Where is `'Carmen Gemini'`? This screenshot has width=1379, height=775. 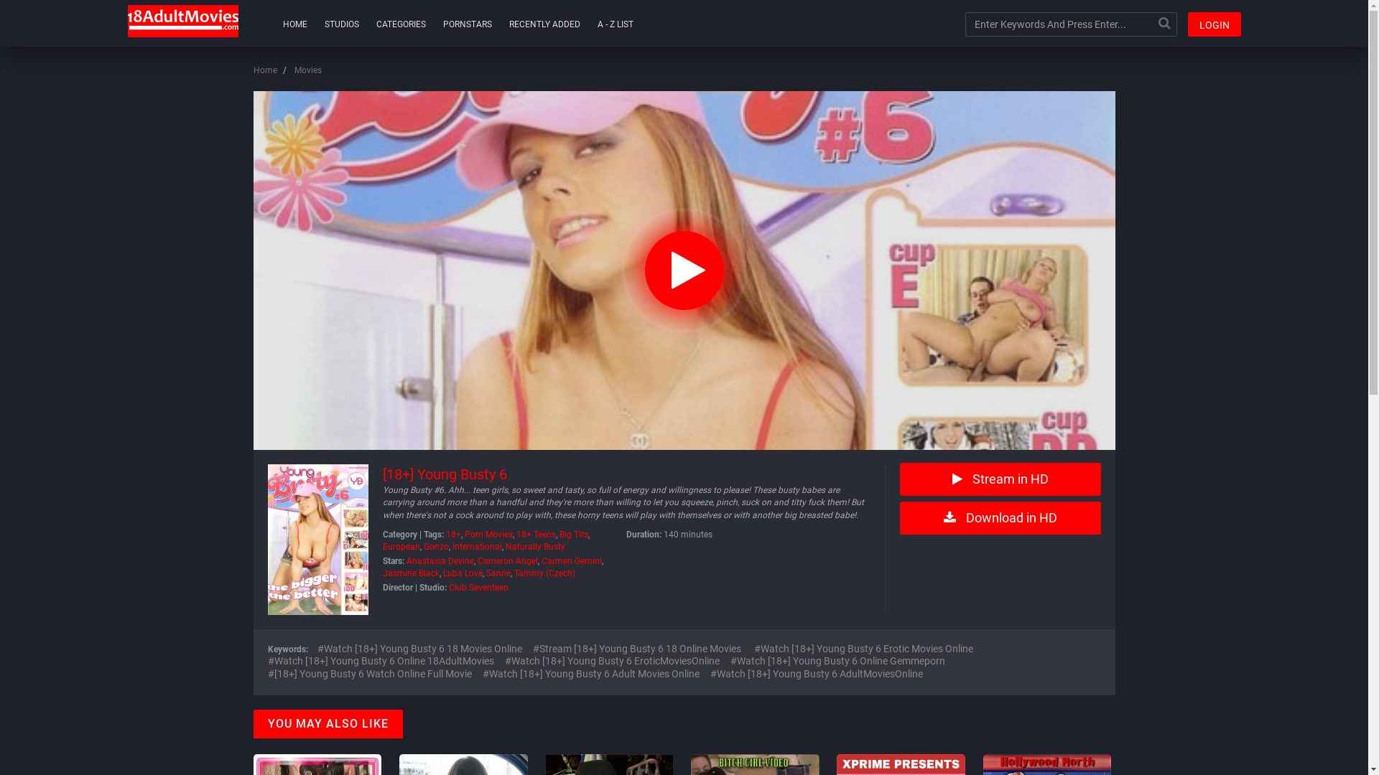 'Carmen Gemini' is located at coordinates (571, 560).